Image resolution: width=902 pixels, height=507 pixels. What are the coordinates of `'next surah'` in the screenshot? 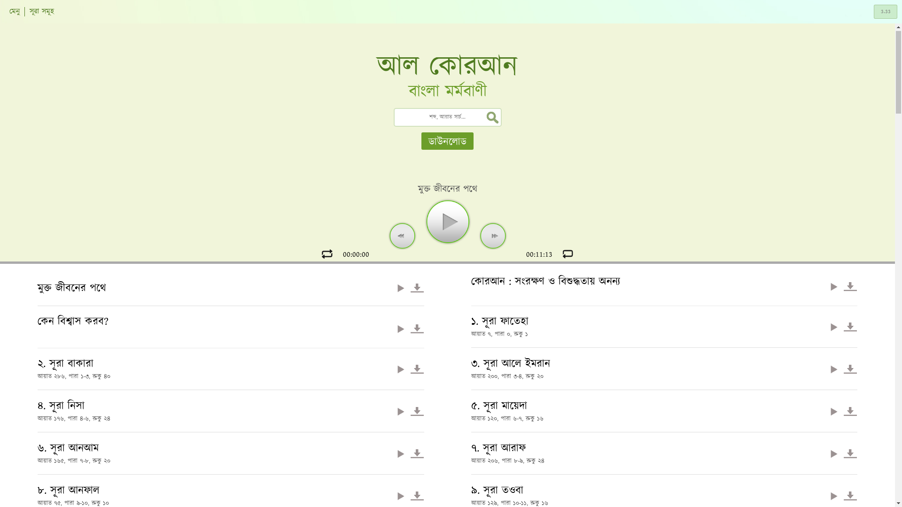 It's located at (493, 235).